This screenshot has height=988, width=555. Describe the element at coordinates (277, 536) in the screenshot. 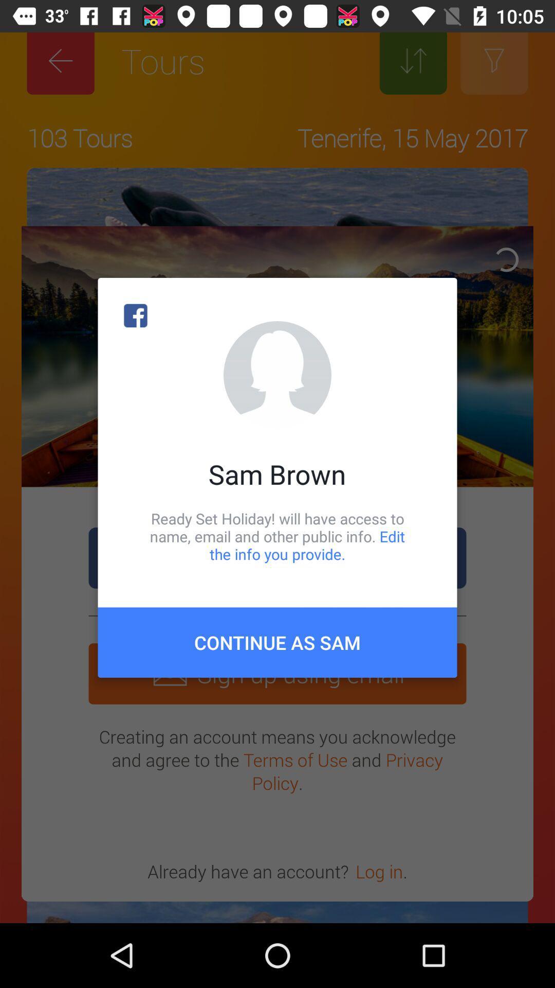

I see `the ready set holiday item` at that location.